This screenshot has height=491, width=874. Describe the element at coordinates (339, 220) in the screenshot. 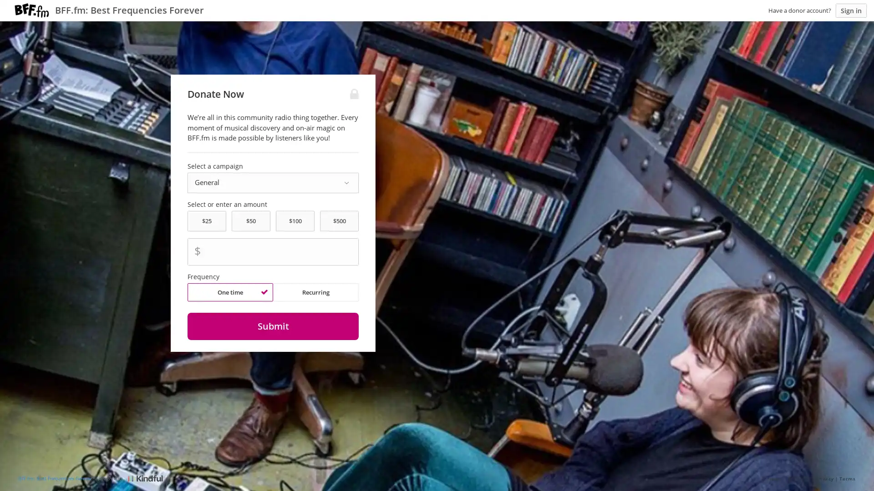

I see `$500` at that location.